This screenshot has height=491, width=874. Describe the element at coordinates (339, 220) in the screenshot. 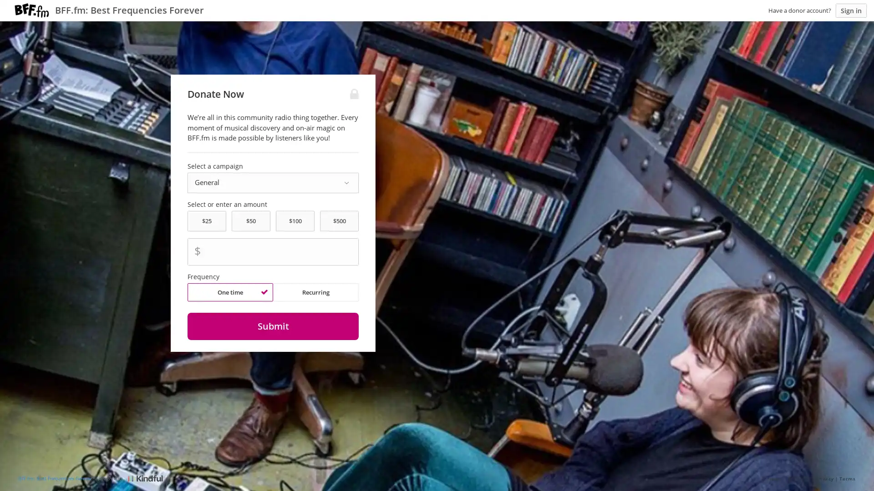

I see `$500` at that location.